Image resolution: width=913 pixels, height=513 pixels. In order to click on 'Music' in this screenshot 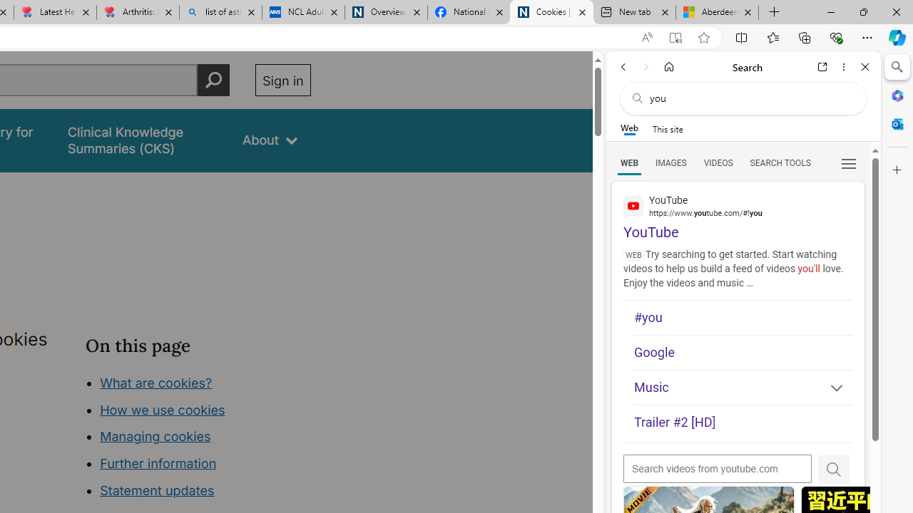, I will do `click(743, 387)`.